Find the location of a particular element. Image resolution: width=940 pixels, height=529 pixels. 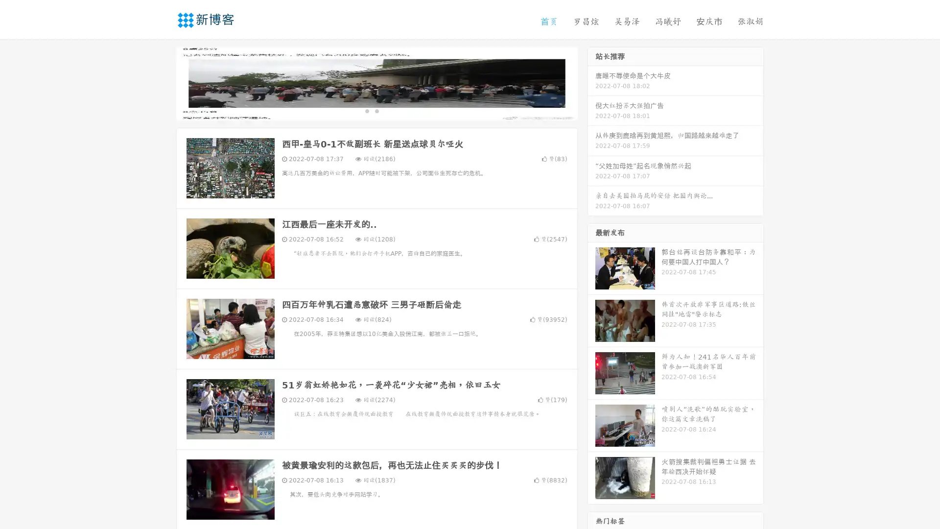

Next slide is located at coordinates (591, 82).